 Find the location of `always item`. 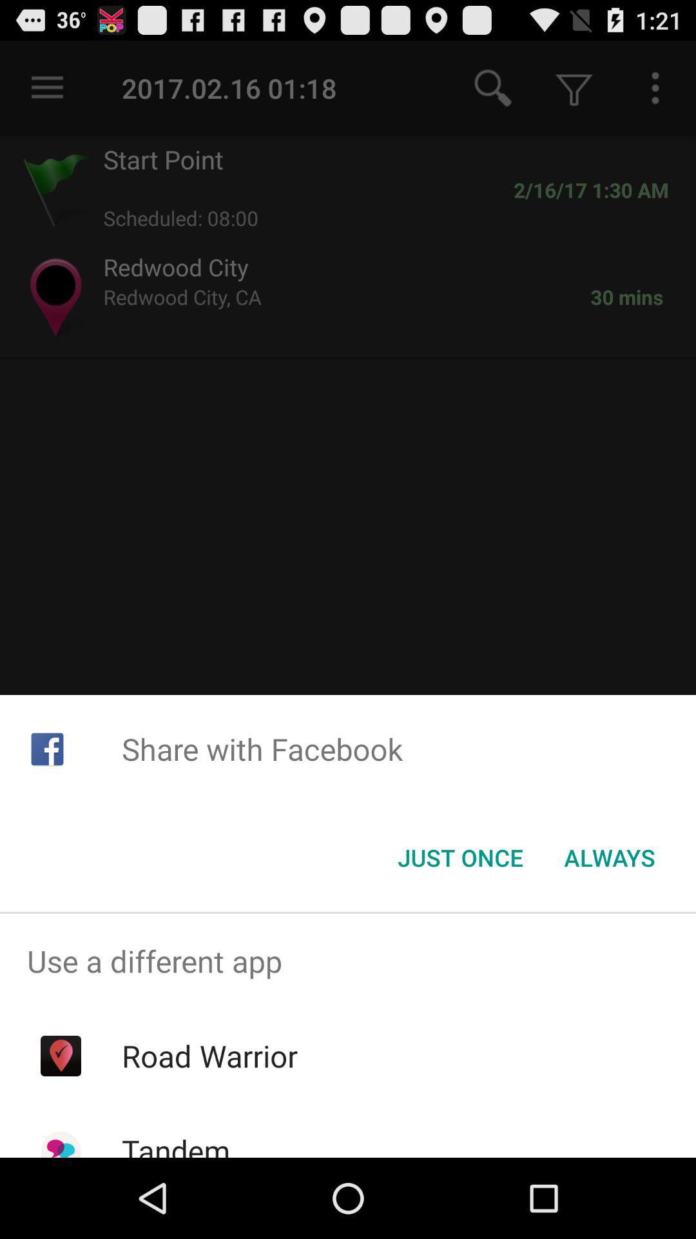

always item is located at coordinates (609, 858).